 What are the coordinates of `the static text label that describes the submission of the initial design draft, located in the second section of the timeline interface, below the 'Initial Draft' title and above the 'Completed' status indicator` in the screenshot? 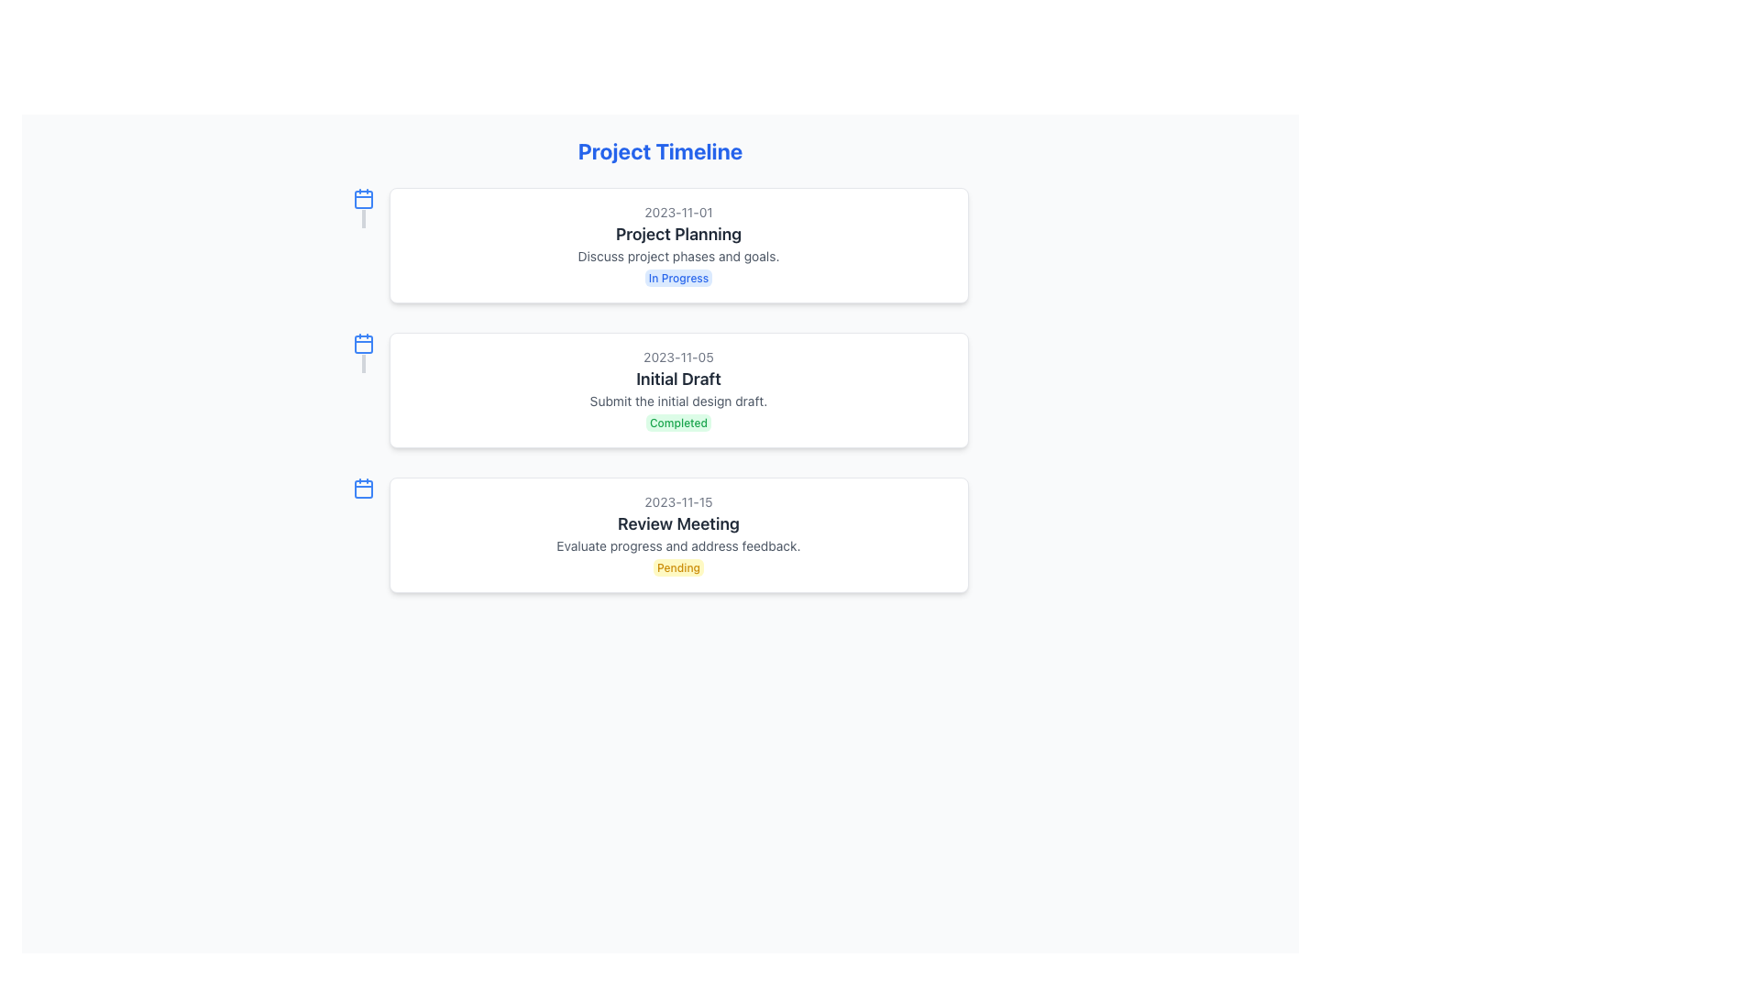 It's located at (677, 401).